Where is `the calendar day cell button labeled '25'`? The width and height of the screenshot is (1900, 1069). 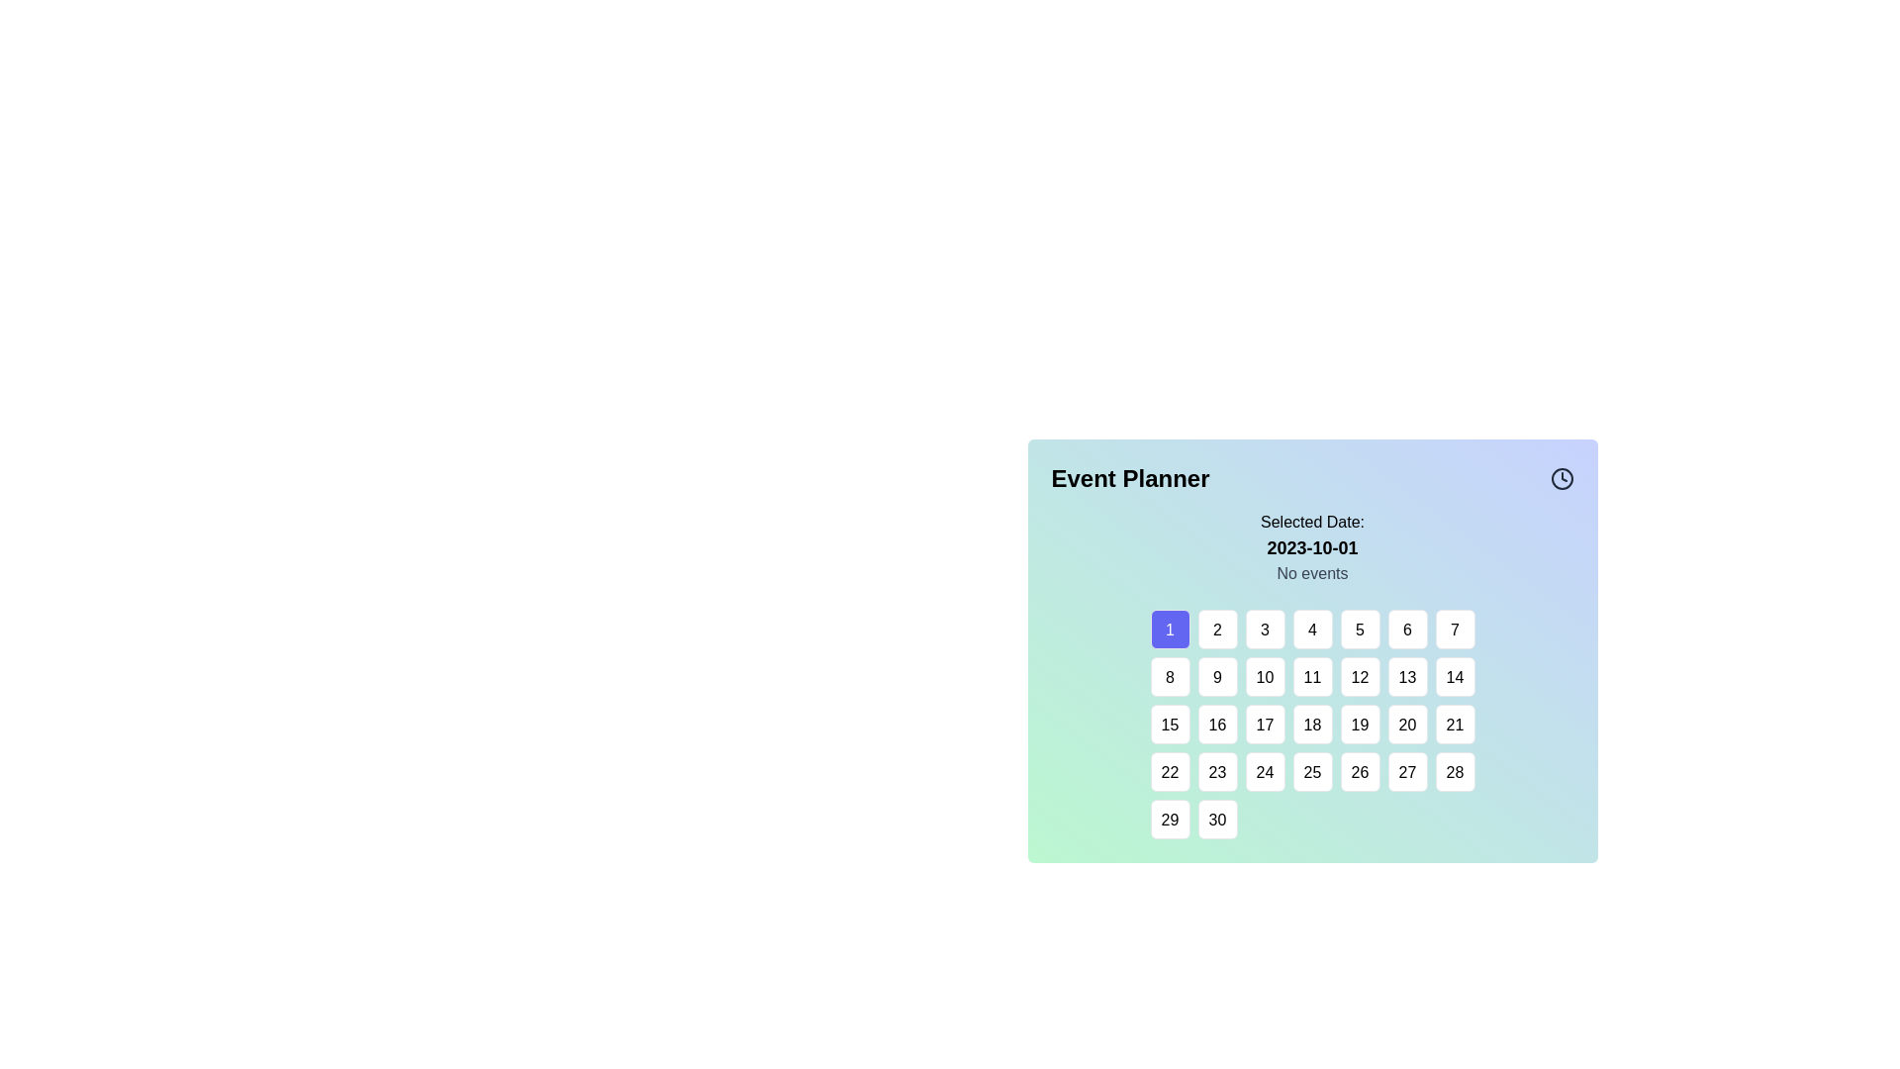 the calendar day cell button labeled '25' is located at coordinates (1312, 770).